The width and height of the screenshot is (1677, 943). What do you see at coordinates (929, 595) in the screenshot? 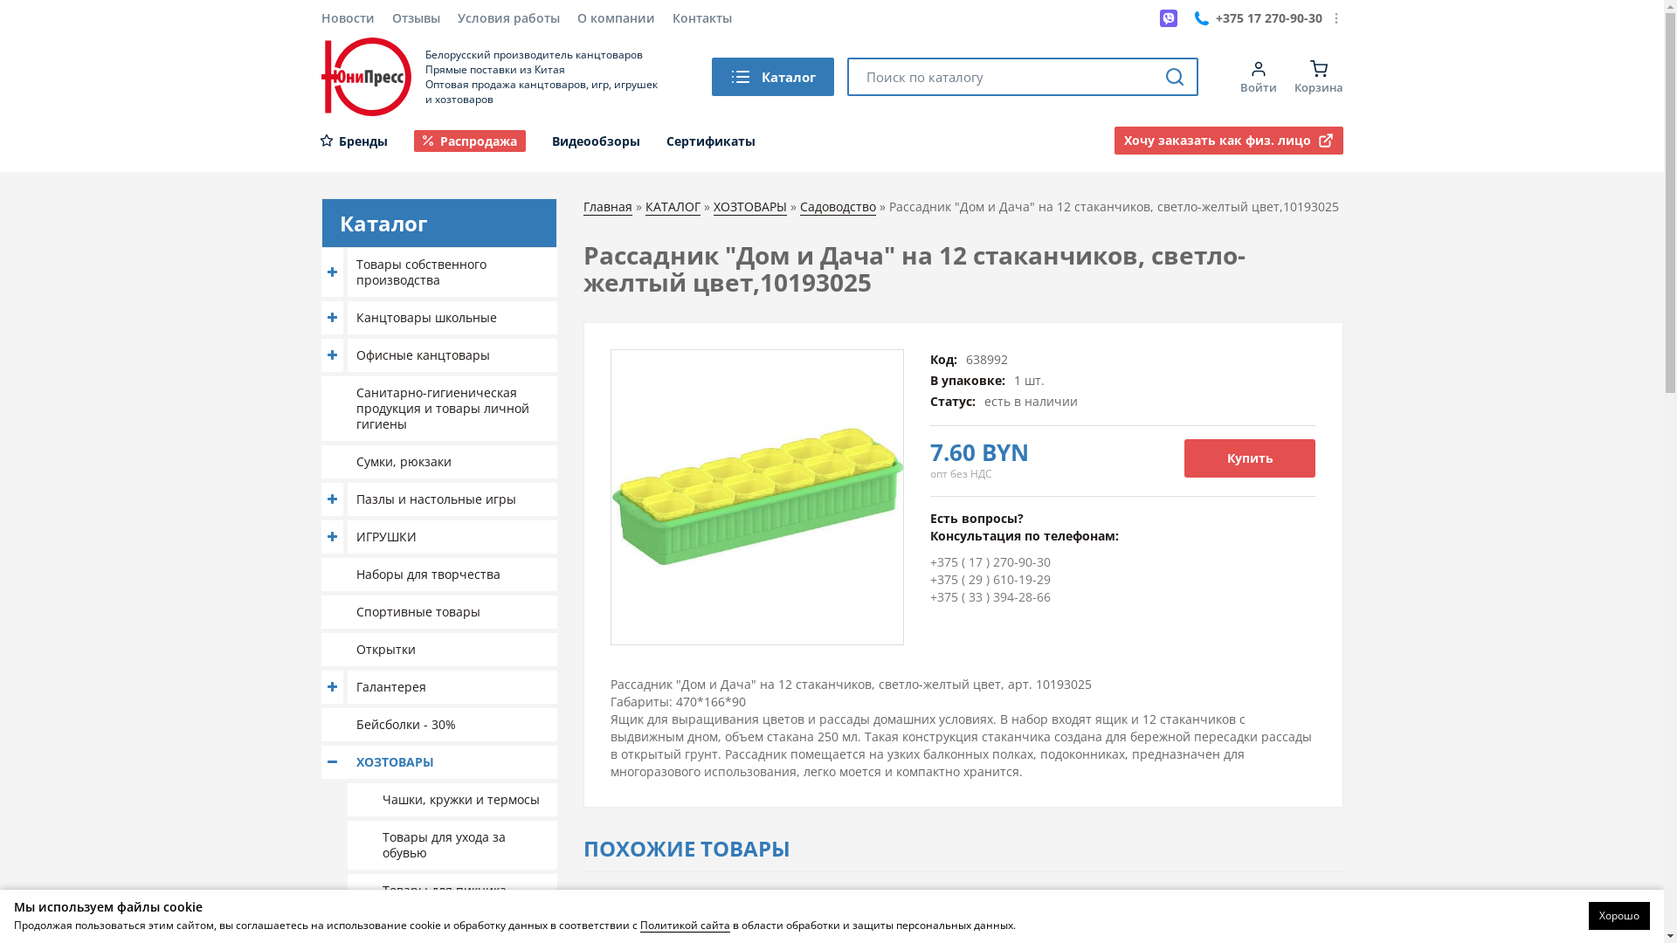
I see `'+375 ( 33 ) 394-28-66'` at bounding box center [929, 595].